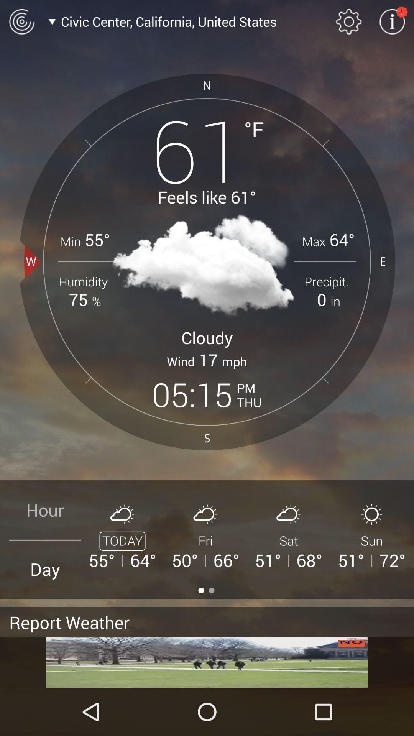 This screenshot has height=736, width=414. Describe the element at coordinates (349, 21) in the screenshot. I see `settings menu` at that location.